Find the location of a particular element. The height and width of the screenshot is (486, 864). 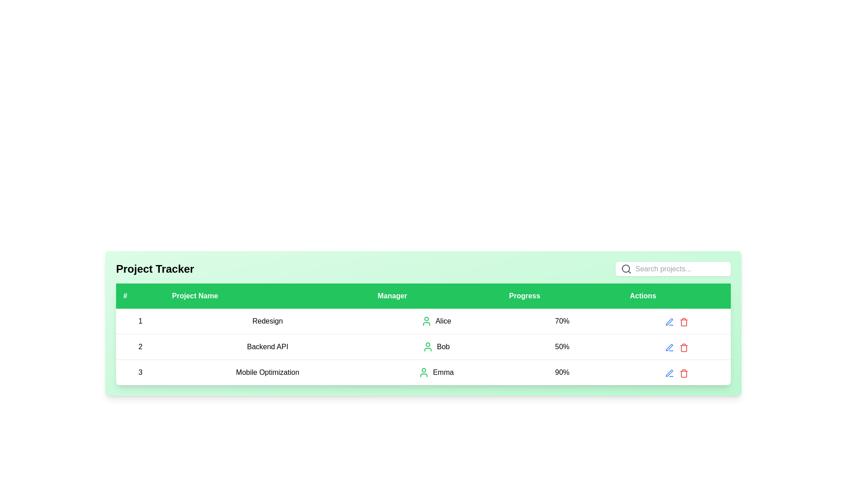

the pen icon button located in the 'Actions' column for the 'Backend API' project, which is styled with a thin stroke and is a sibling to the trash bin icon is located at coordinates (669, 373).